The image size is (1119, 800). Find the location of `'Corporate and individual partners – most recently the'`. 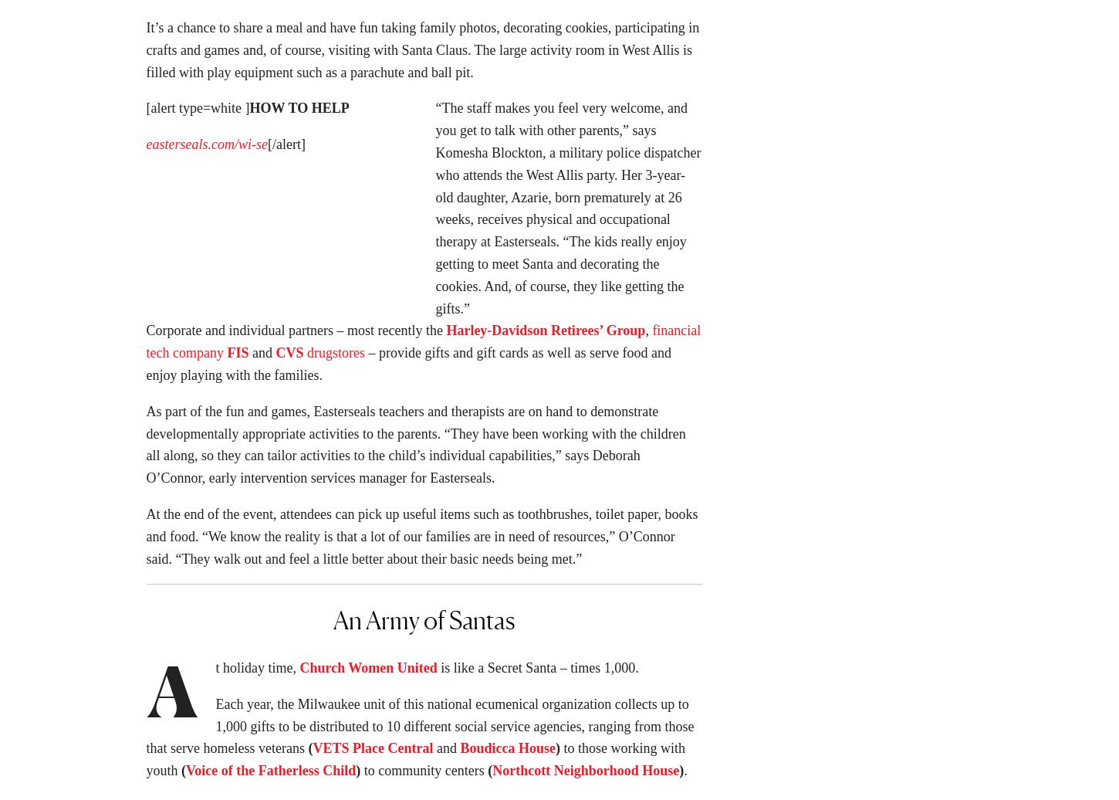

'Corporate and individual partners – most recently the' is located at coordinates (295, 334).